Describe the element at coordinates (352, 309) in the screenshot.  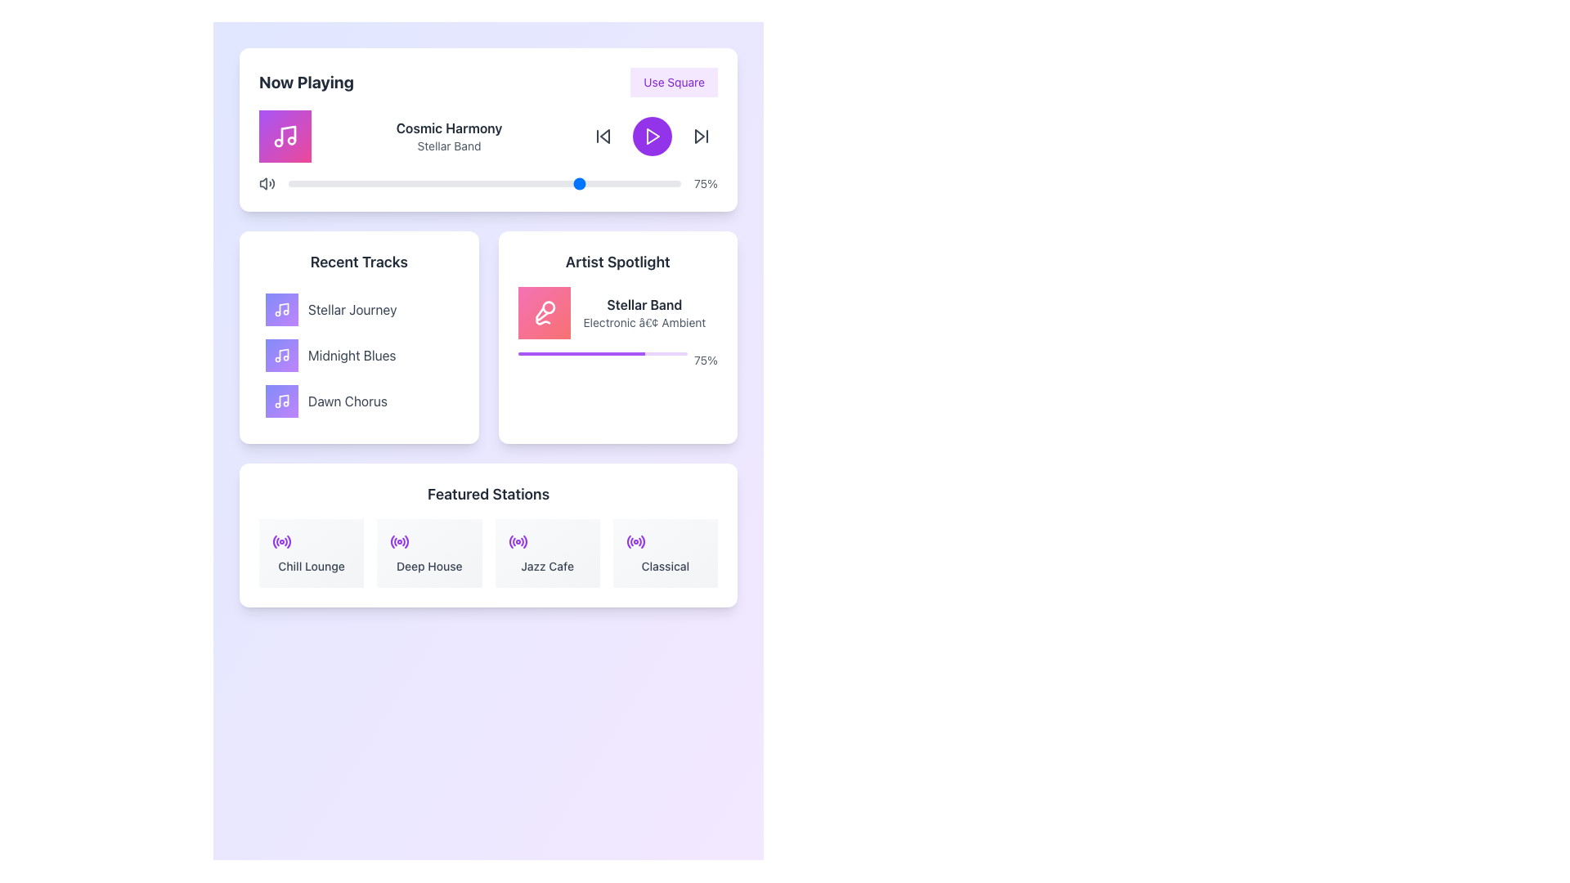
I see `the text label 'Stellar Journey' in the 'Recent Tracks' section` at that location.